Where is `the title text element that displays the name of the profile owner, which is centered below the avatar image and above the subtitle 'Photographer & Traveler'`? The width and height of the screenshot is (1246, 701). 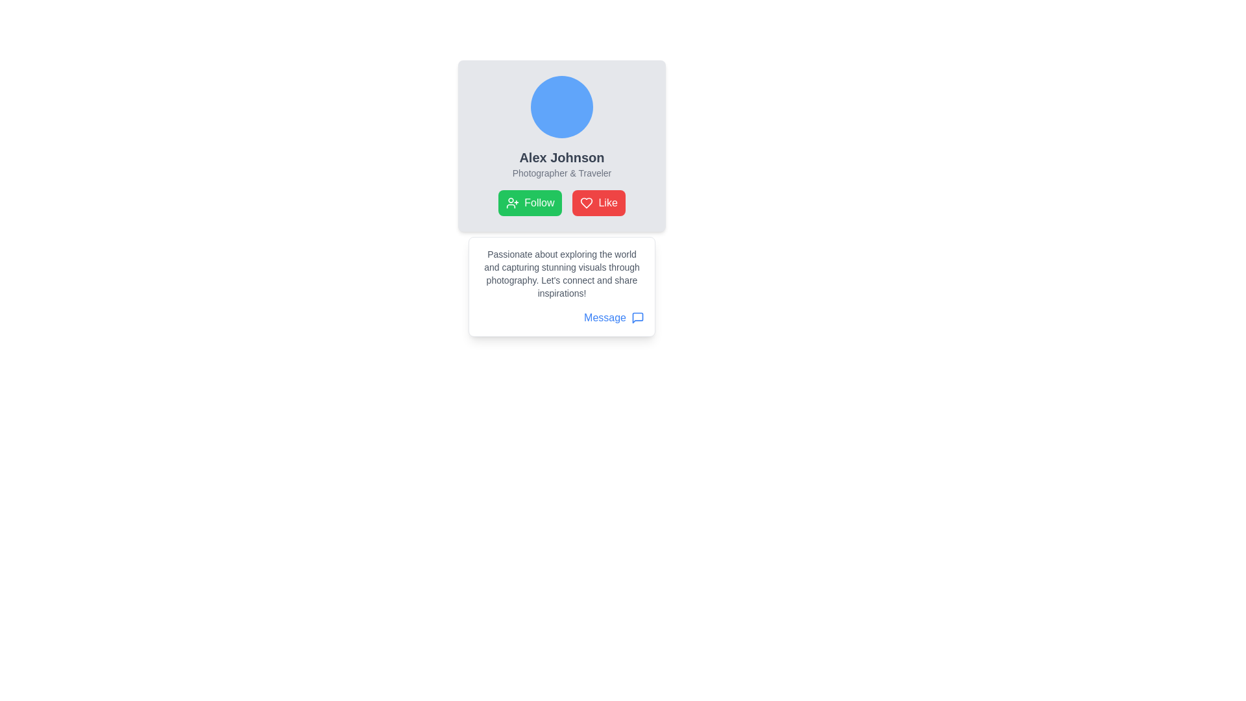 the title text element that displays the name of the profile owner, which is centered below the avatar image and above the subtitle 'Photographer & Traveler' is located at coordinates (561, 157).